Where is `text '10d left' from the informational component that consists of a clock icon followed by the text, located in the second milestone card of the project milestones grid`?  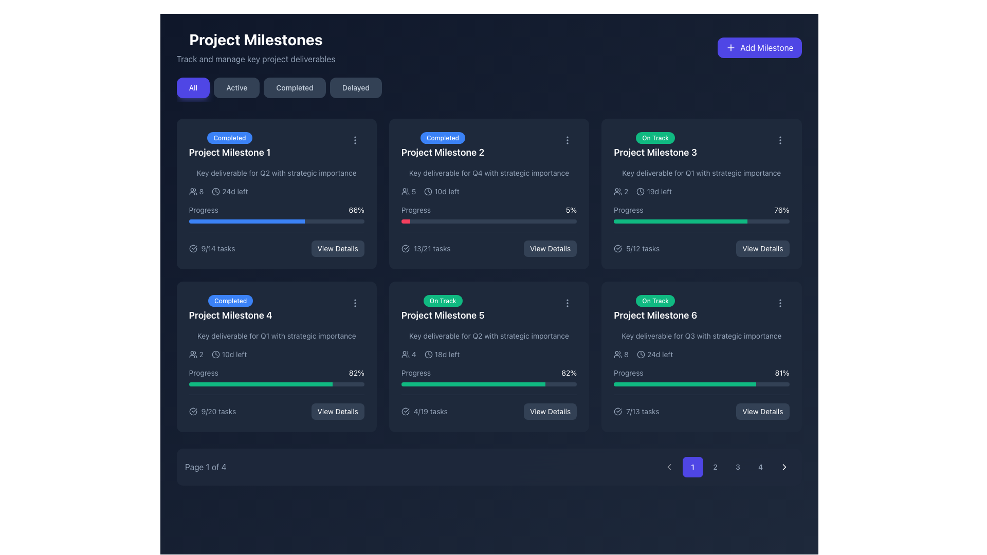
text '10d left' from the informational component that consists of a clock icon followed by the text, located in the second milestone card of the project milestones grid is located at coordinates (442, 192).